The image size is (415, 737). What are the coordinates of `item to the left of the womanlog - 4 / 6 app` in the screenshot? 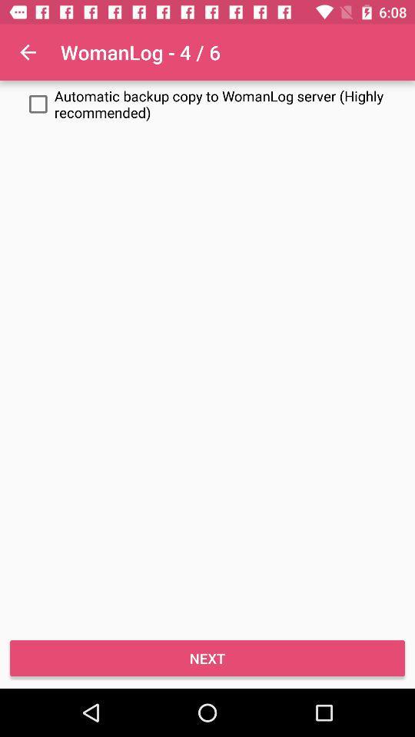 It's located at (28, 52).